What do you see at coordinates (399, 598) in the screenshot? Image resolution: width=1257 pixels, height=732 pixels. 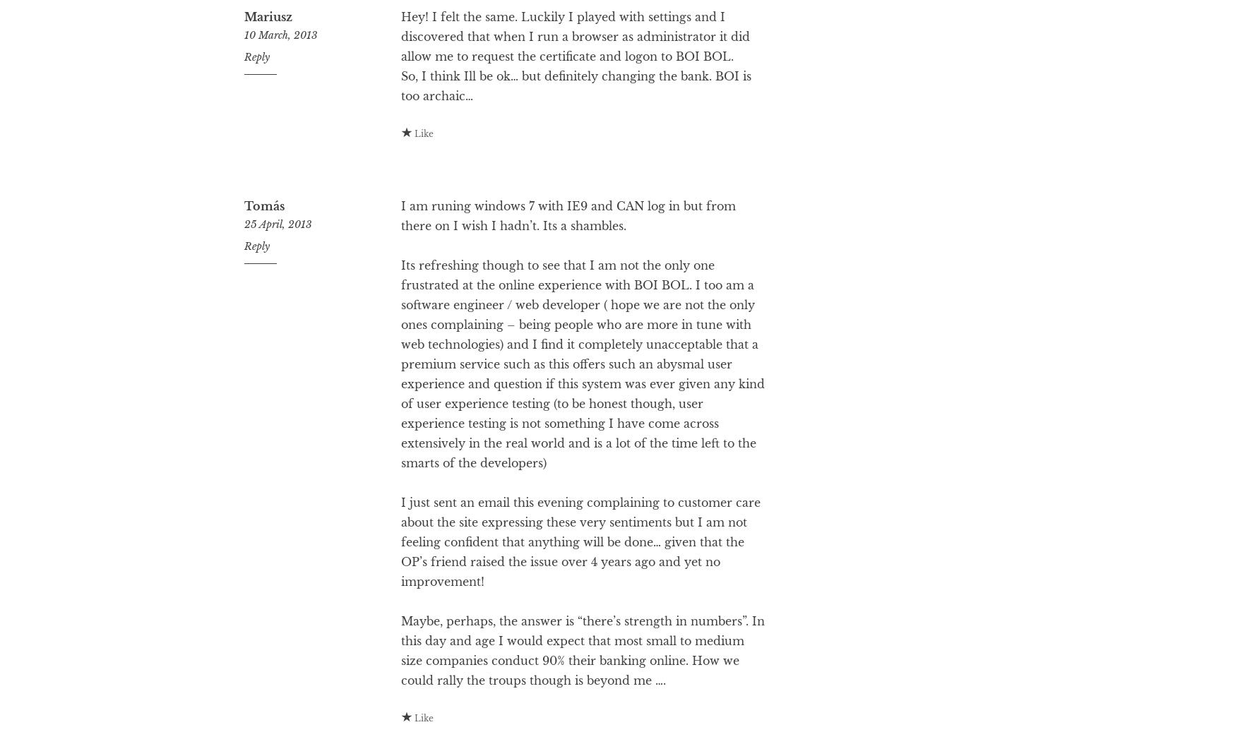 I see `'I just sent an email this evening complaining to customer care about the site expressing these very sentiments but I am not feeling confident that anything will be done… given that the OP’s friend raised the issue over 4 years ago and yet no improvement!'` at bounding box center [399, 598].